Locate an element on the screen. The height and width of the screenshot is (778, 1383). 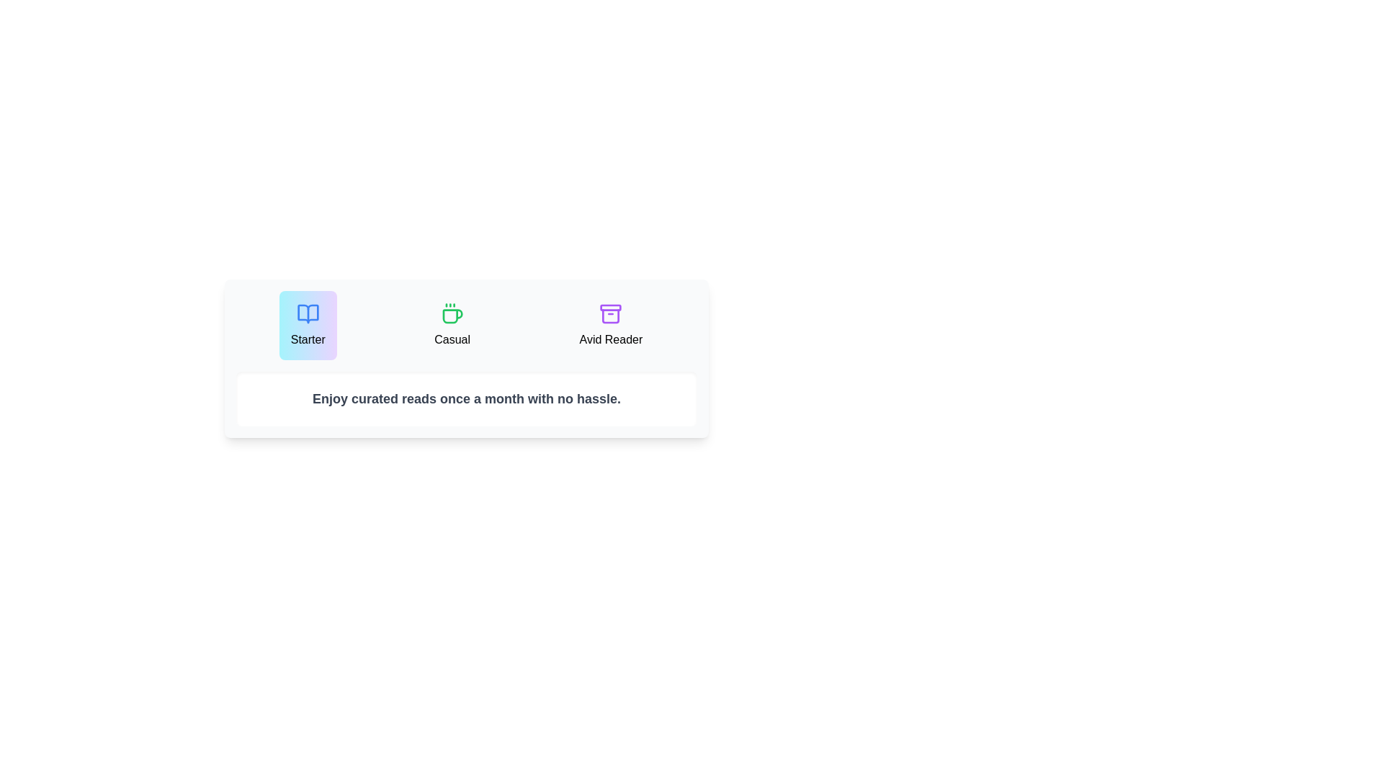
the Casual button to select the corresponding subscription plan is located at coordinates (452, 325).